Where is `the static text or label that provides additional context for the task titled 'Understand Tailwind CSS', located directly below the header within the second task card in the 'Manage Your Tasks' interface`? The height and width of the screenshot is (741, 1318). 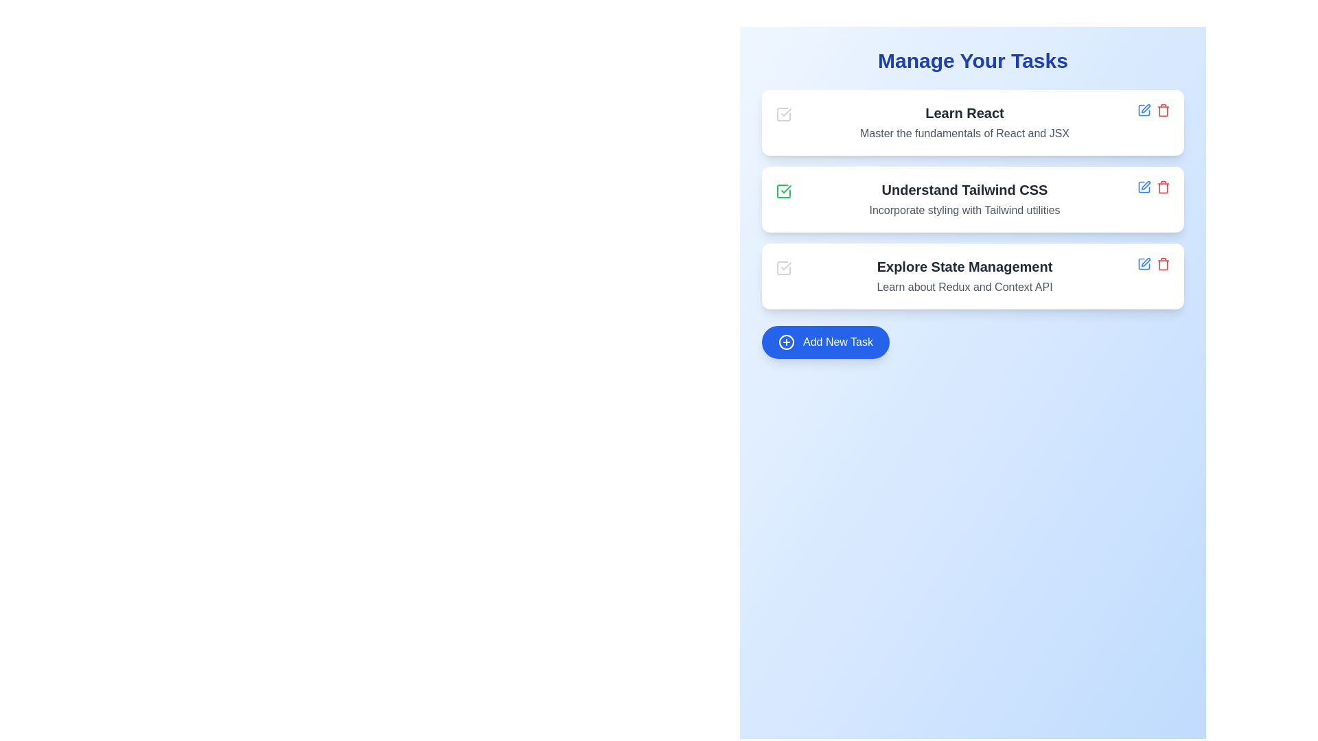 the static text or label that provides additional context for the task titled 'Understand Tailwind CSS', located directly below the header within the second task card in the 'Manage Your Tasks' interface is located at coordinates (964, 211).